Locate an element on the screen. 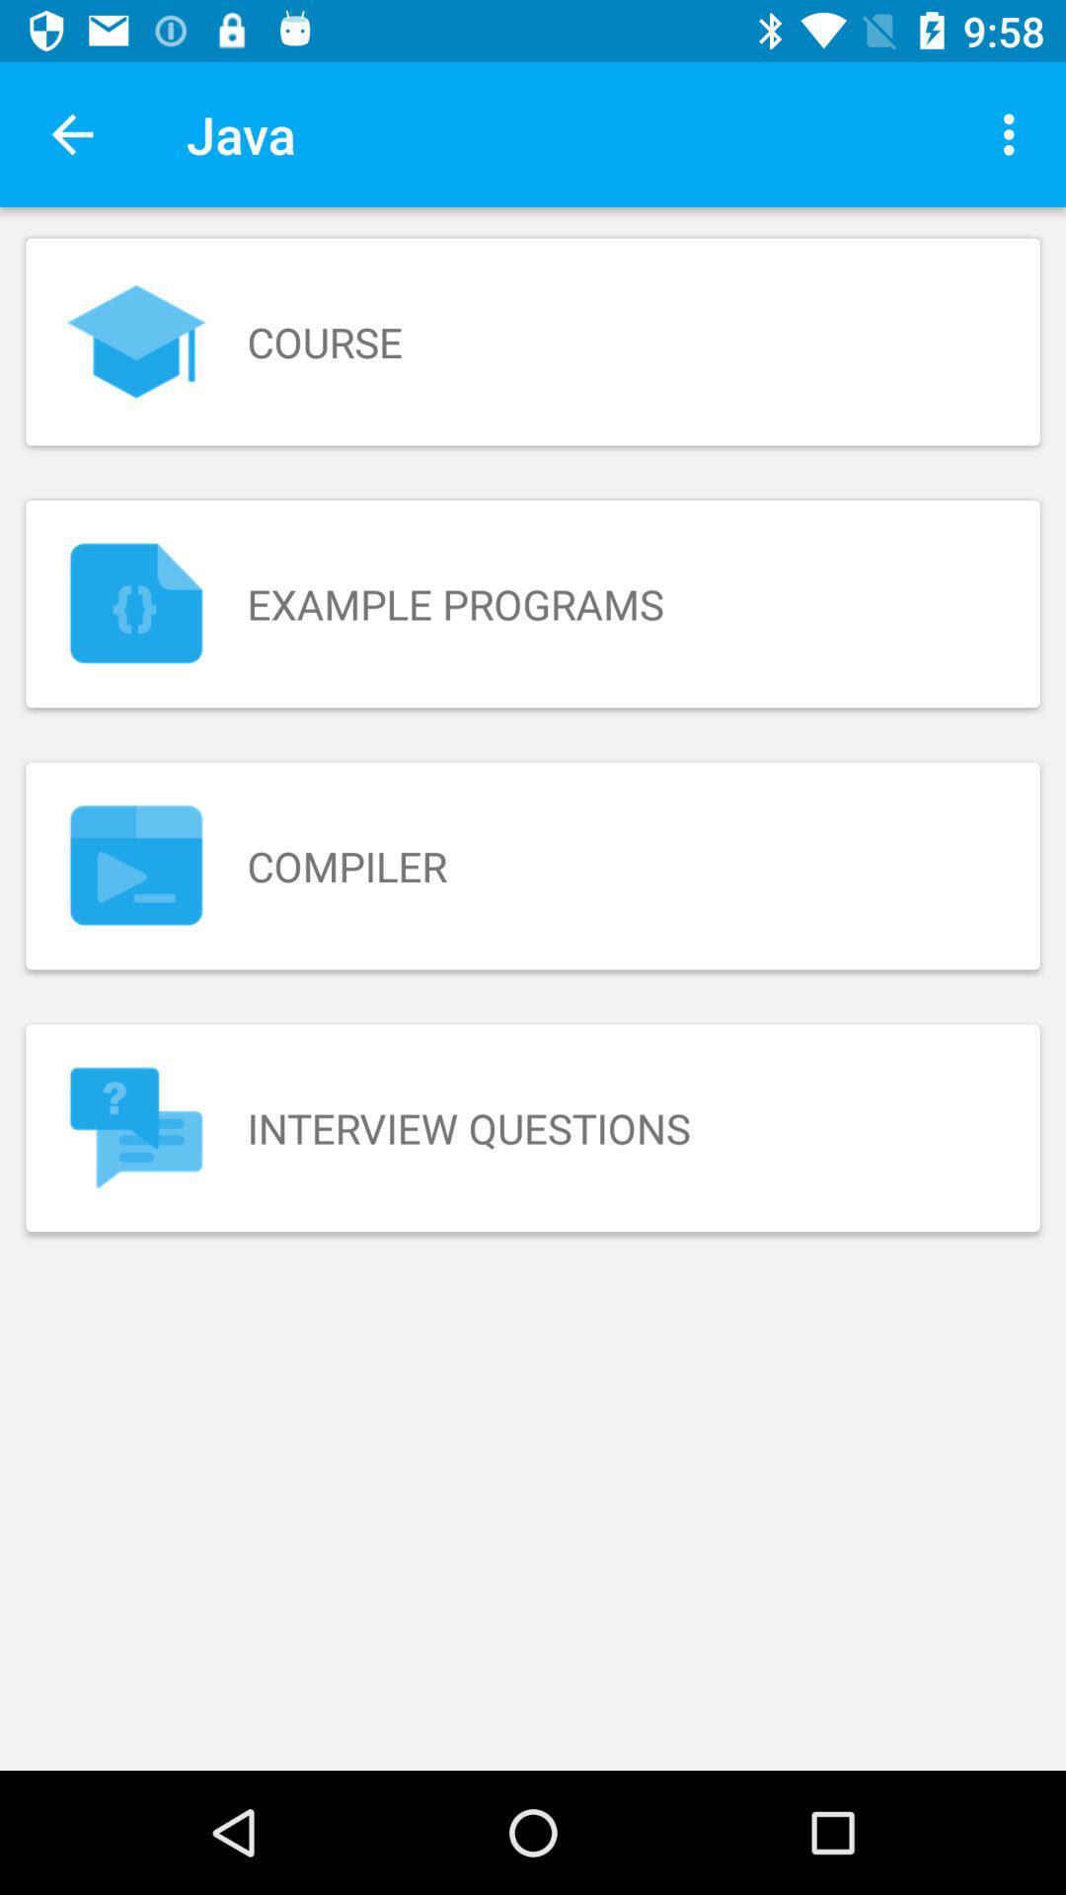 The image size is (1066, 1895). the item next to java icon is located at coordinates (71, 133).